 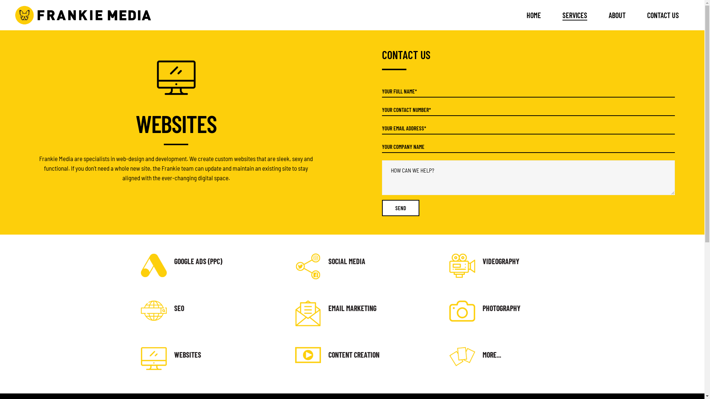 What do you see at coordinates (574, 15) in the screenshot?
I see `'SERVICES'` at bounding box center [574, 15].